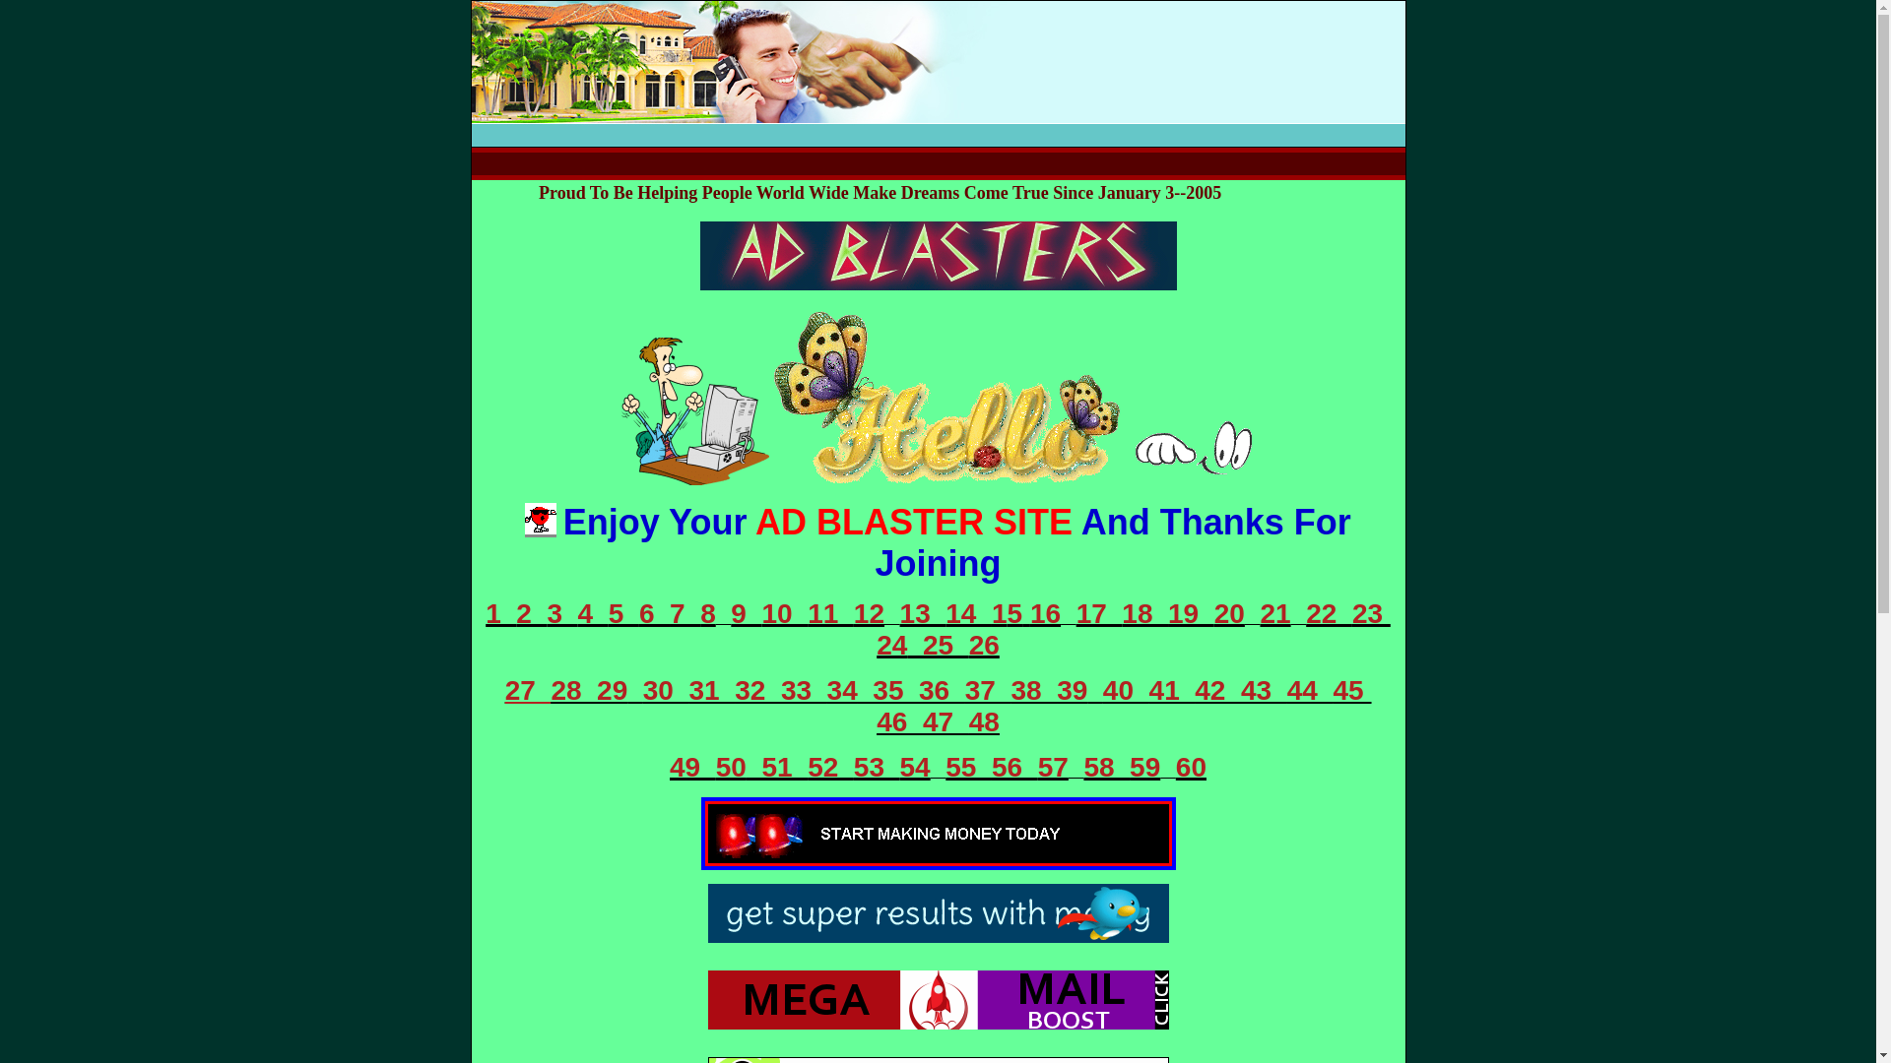  I want to click on '1 ', so click(500, 612).